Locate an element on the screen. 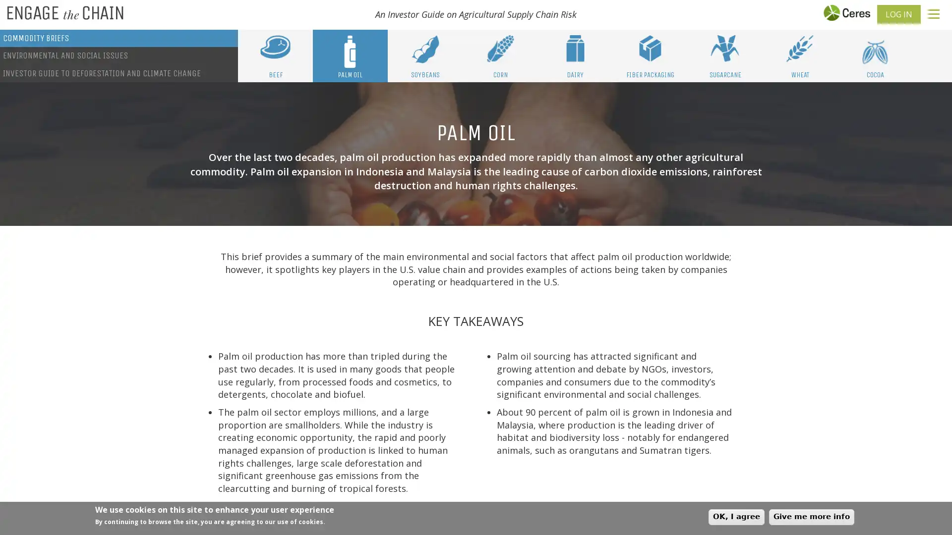  OK, I agree is located at coordinates (736, 516).